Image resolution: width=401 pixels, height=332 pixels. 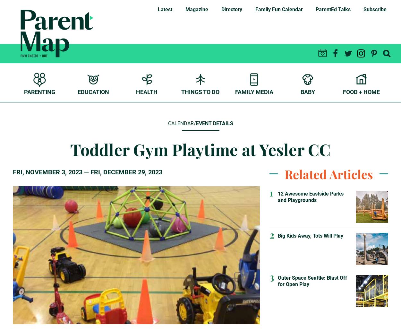 What do you see at coordinates (263, 24) in the screenshot?
I see `'Get our monthly magazine delivered to your home!'` at bounding box center [263, 24].